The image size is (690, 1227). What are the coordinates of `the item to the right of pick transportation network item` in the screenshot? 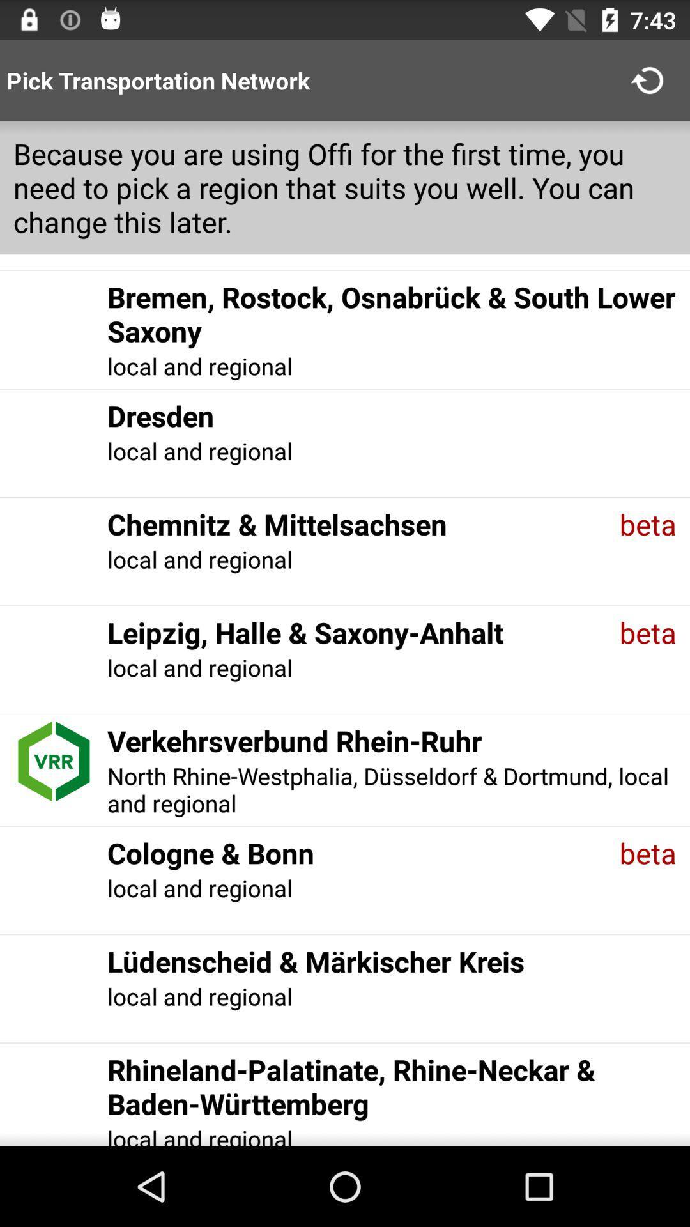 It's located at (650, 79).